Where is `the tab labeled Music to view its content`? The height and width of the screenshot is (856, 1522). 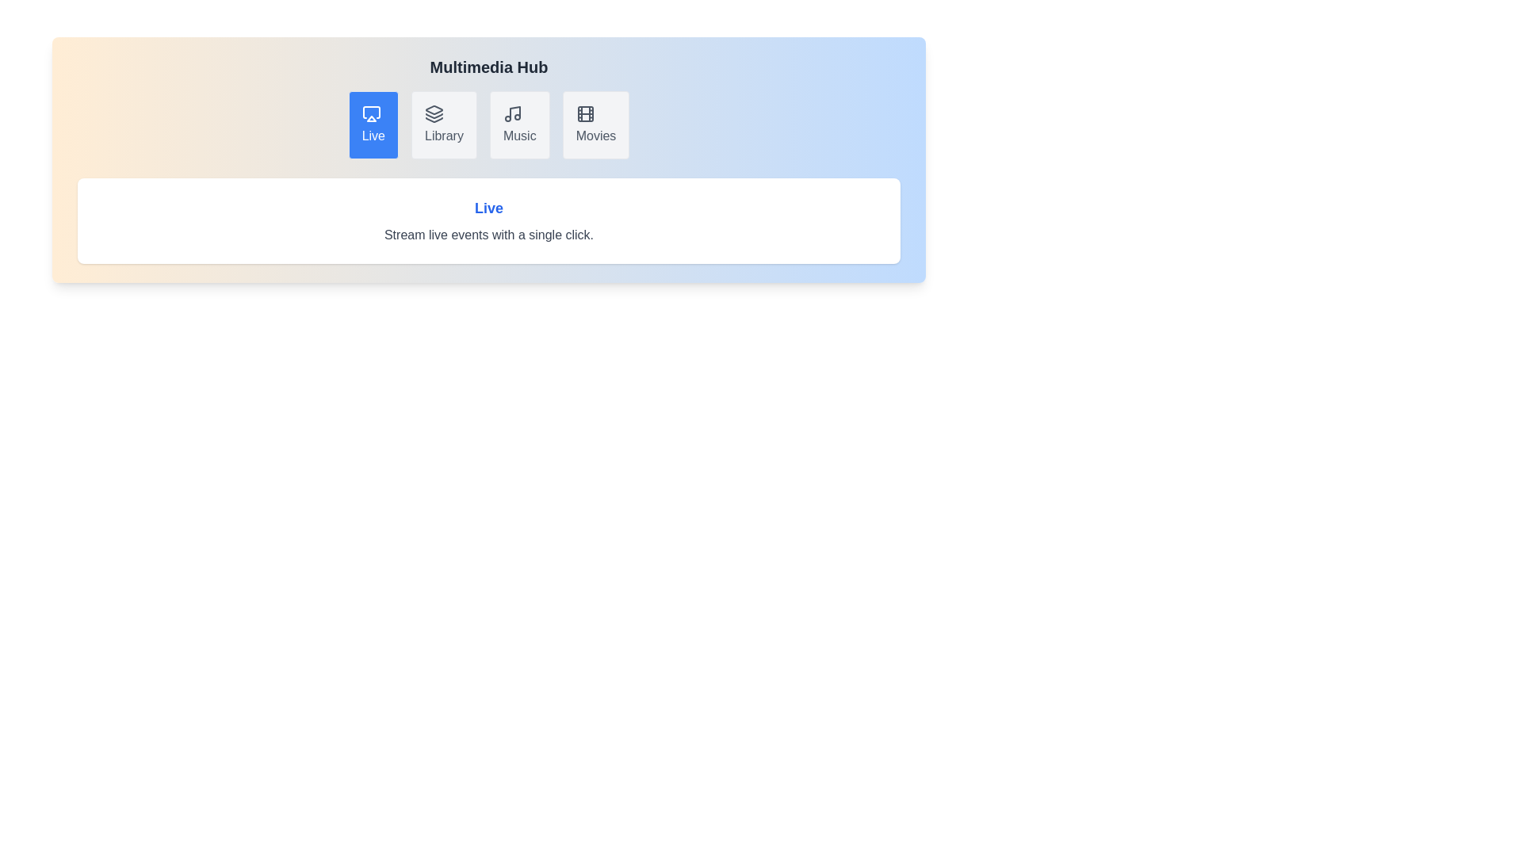
the tab labeled Music to view its content is located at coordinates (518, 124).